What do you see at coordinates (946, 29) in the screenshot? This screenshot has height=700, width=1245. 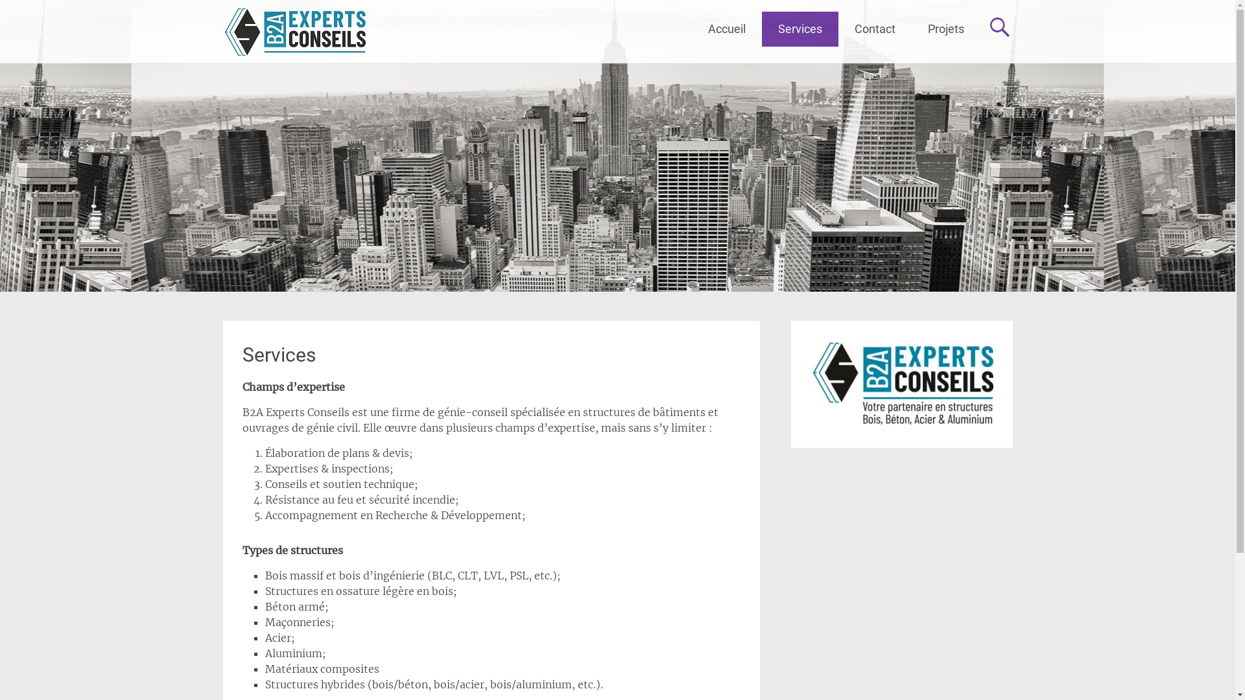 I see `'Projets'` at bounding box center [946, 29].